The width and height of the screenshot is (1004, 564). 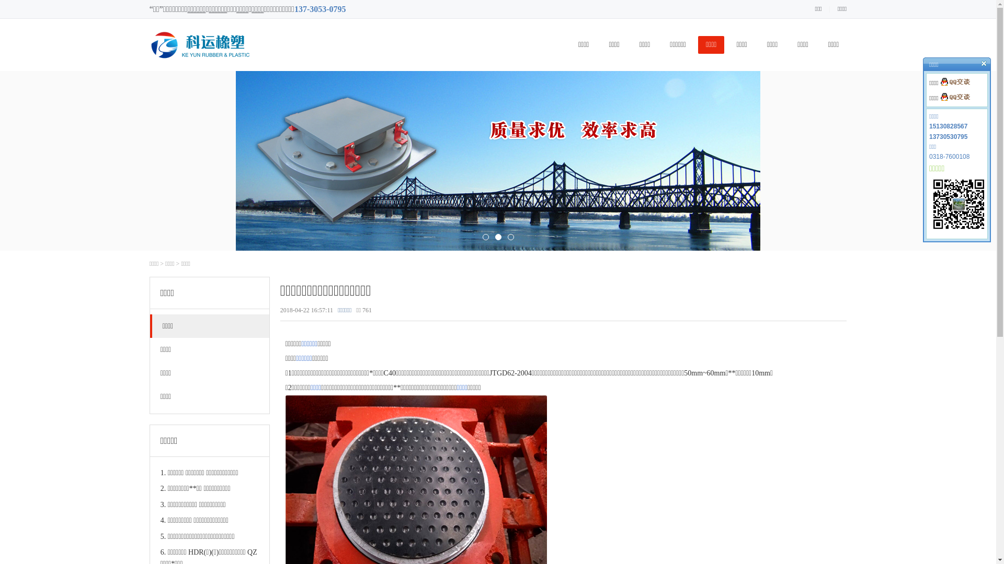 What do you see at coordinates (959, 204) in the screenshot?
I see `'1510717705110961.jpg'` at bounding box center [959, 204].